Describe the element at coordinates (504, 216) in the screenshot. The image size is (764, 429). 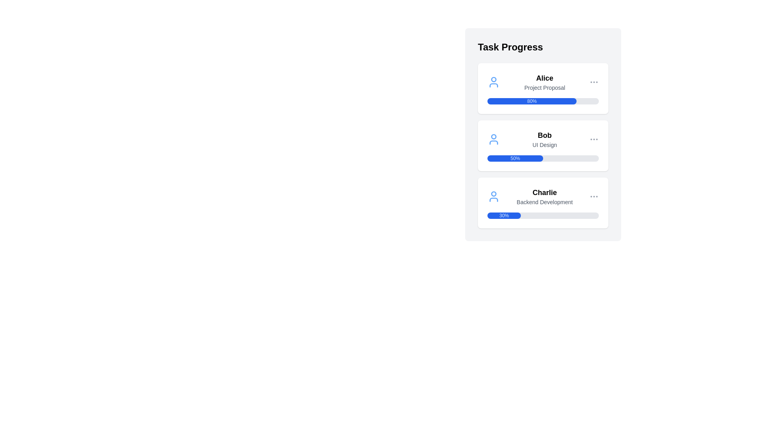
I see `the filled portion of the progress bar that visually represents 30% progress for the 'Backend Development' task associated with Charlie, located in the 'Charlie - Backend Development' card` at that location.